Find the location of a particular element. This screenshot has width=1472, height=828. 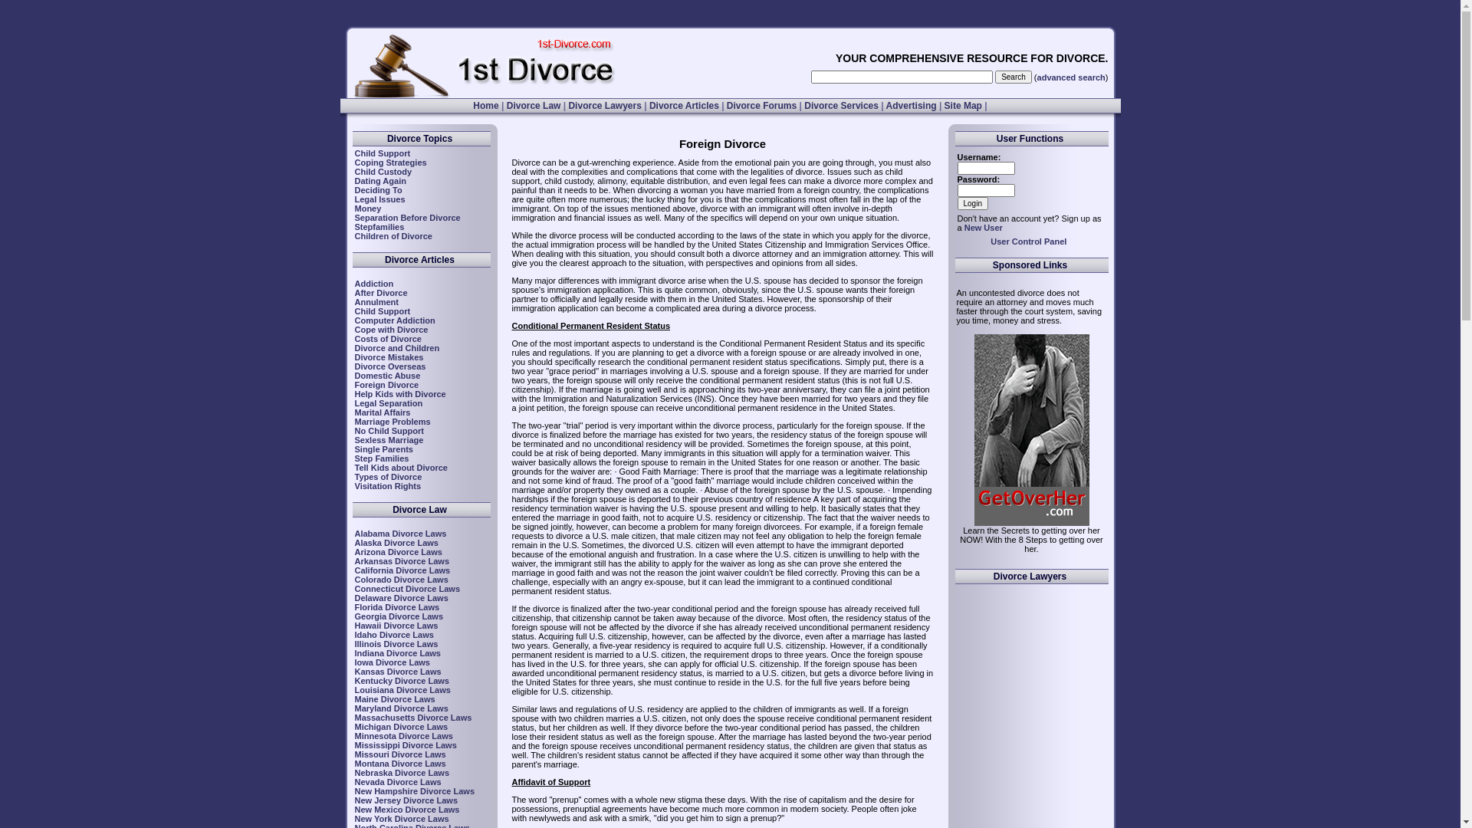

'Georgia Divorce Laws' is located at coordinates (353, 615).